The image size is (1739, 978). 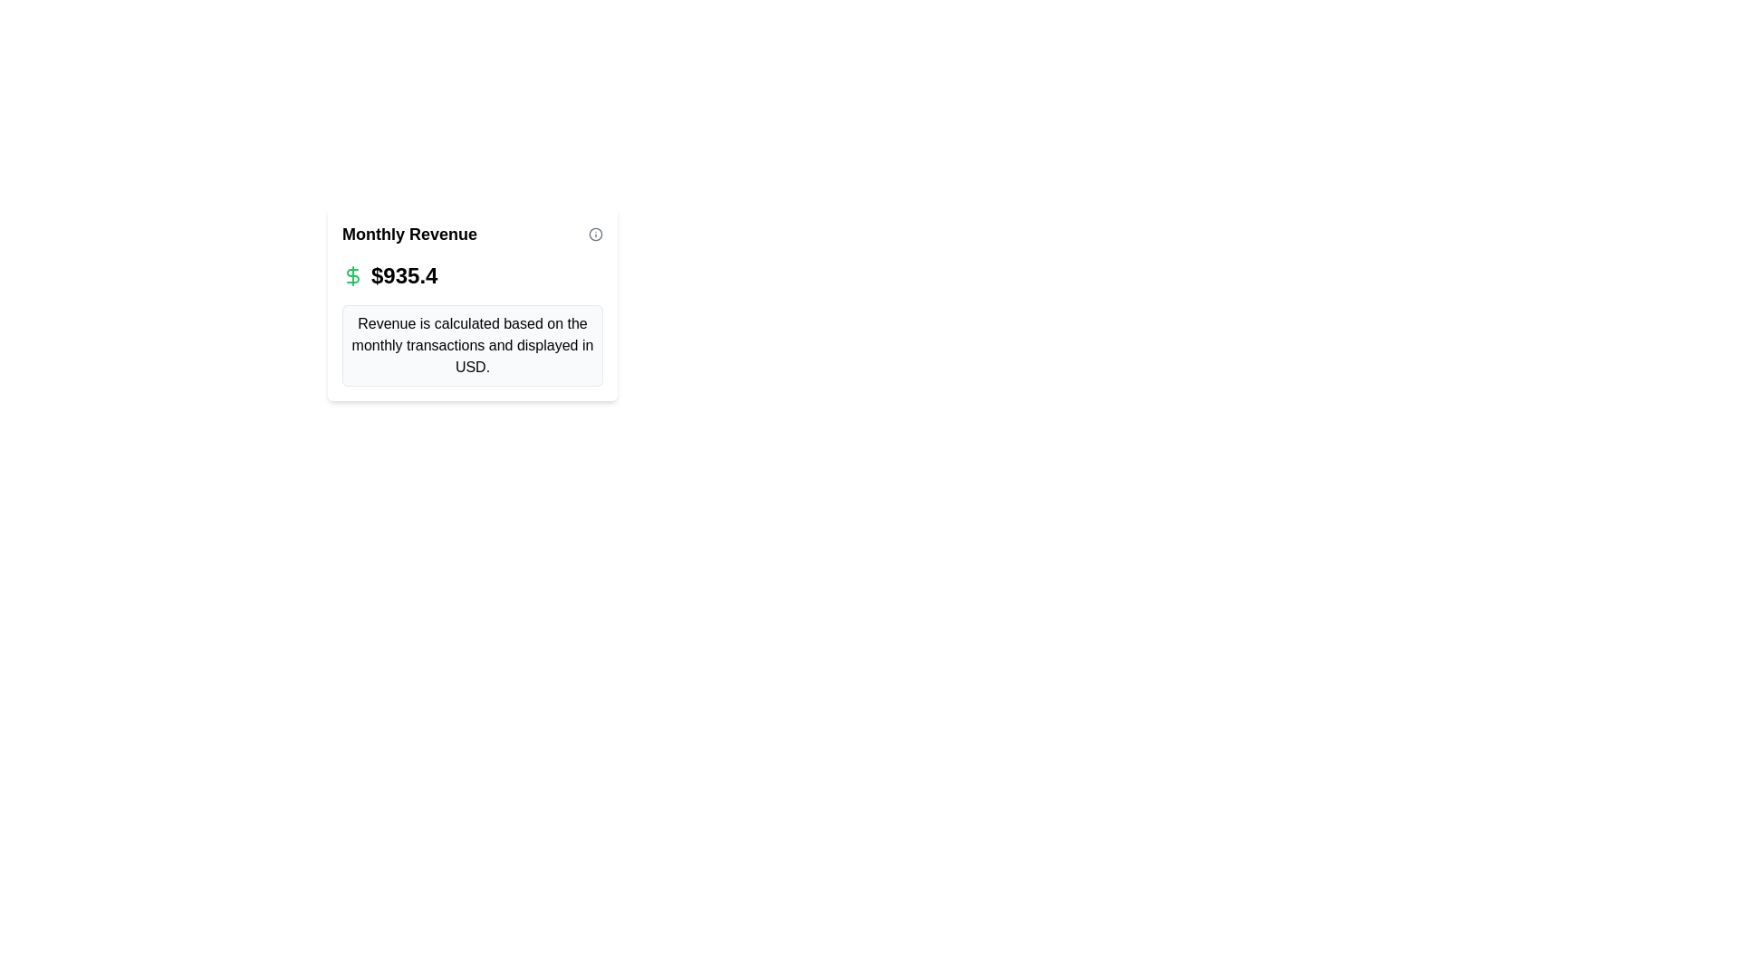 I want to click on the circular portion of the SVG graphic located at the top-right corner of the 'Monthly Revenue' card, so click(x=595, y=233).